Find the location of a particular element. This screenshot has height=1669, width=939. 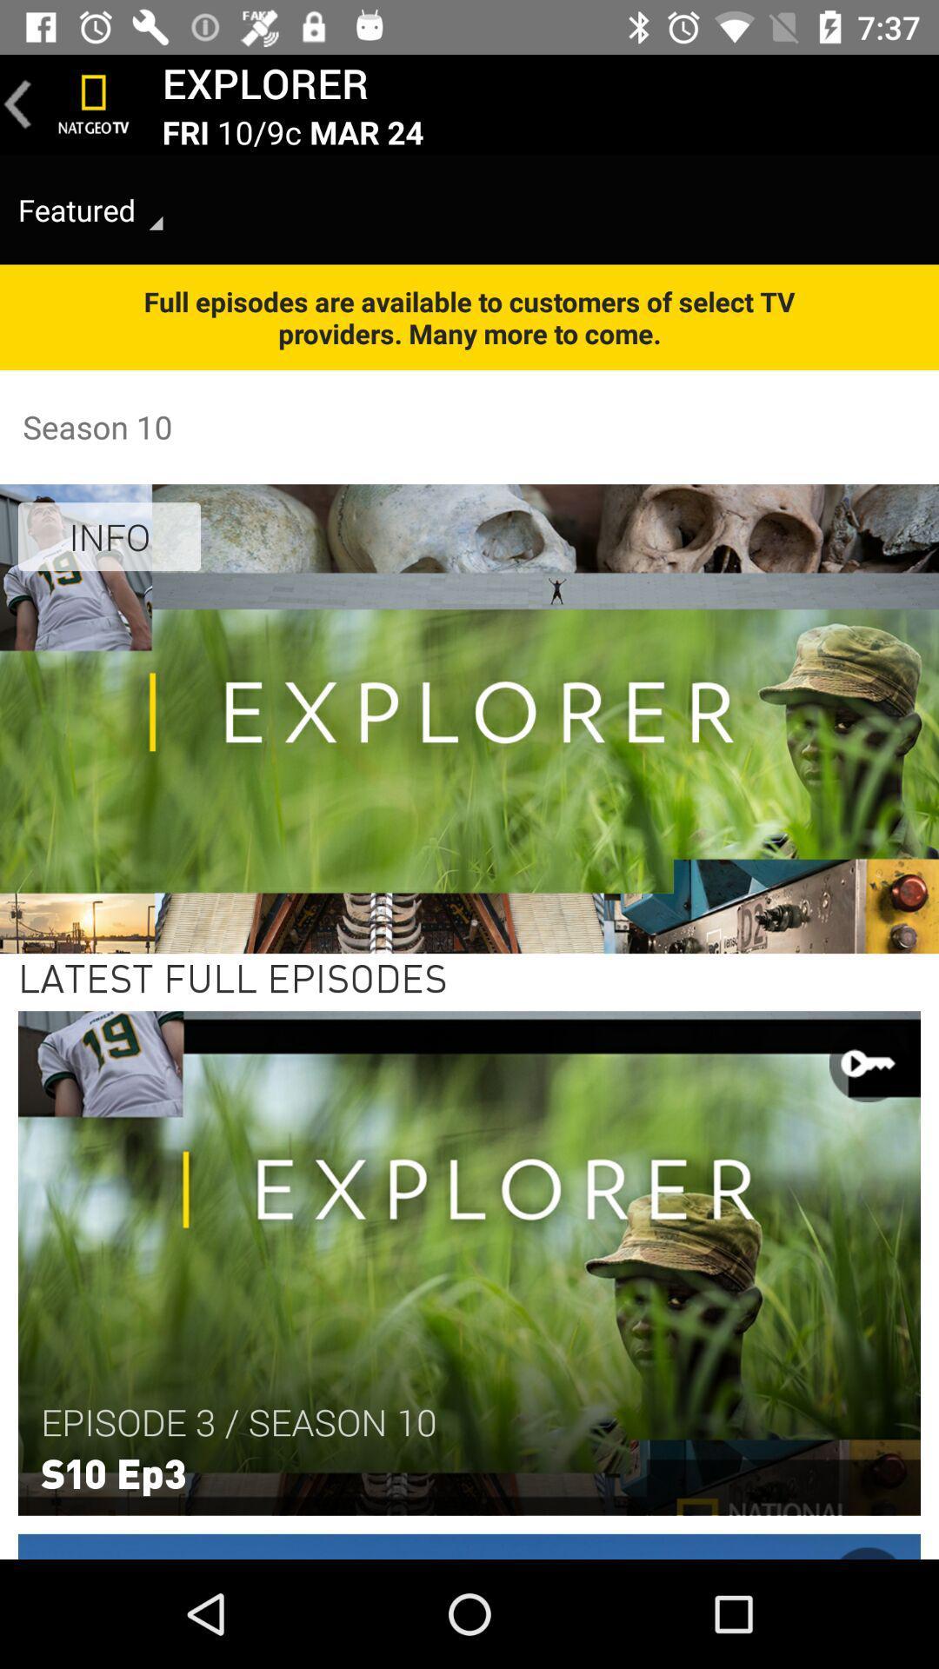

item above featured item is located at coordinates (17, 103).